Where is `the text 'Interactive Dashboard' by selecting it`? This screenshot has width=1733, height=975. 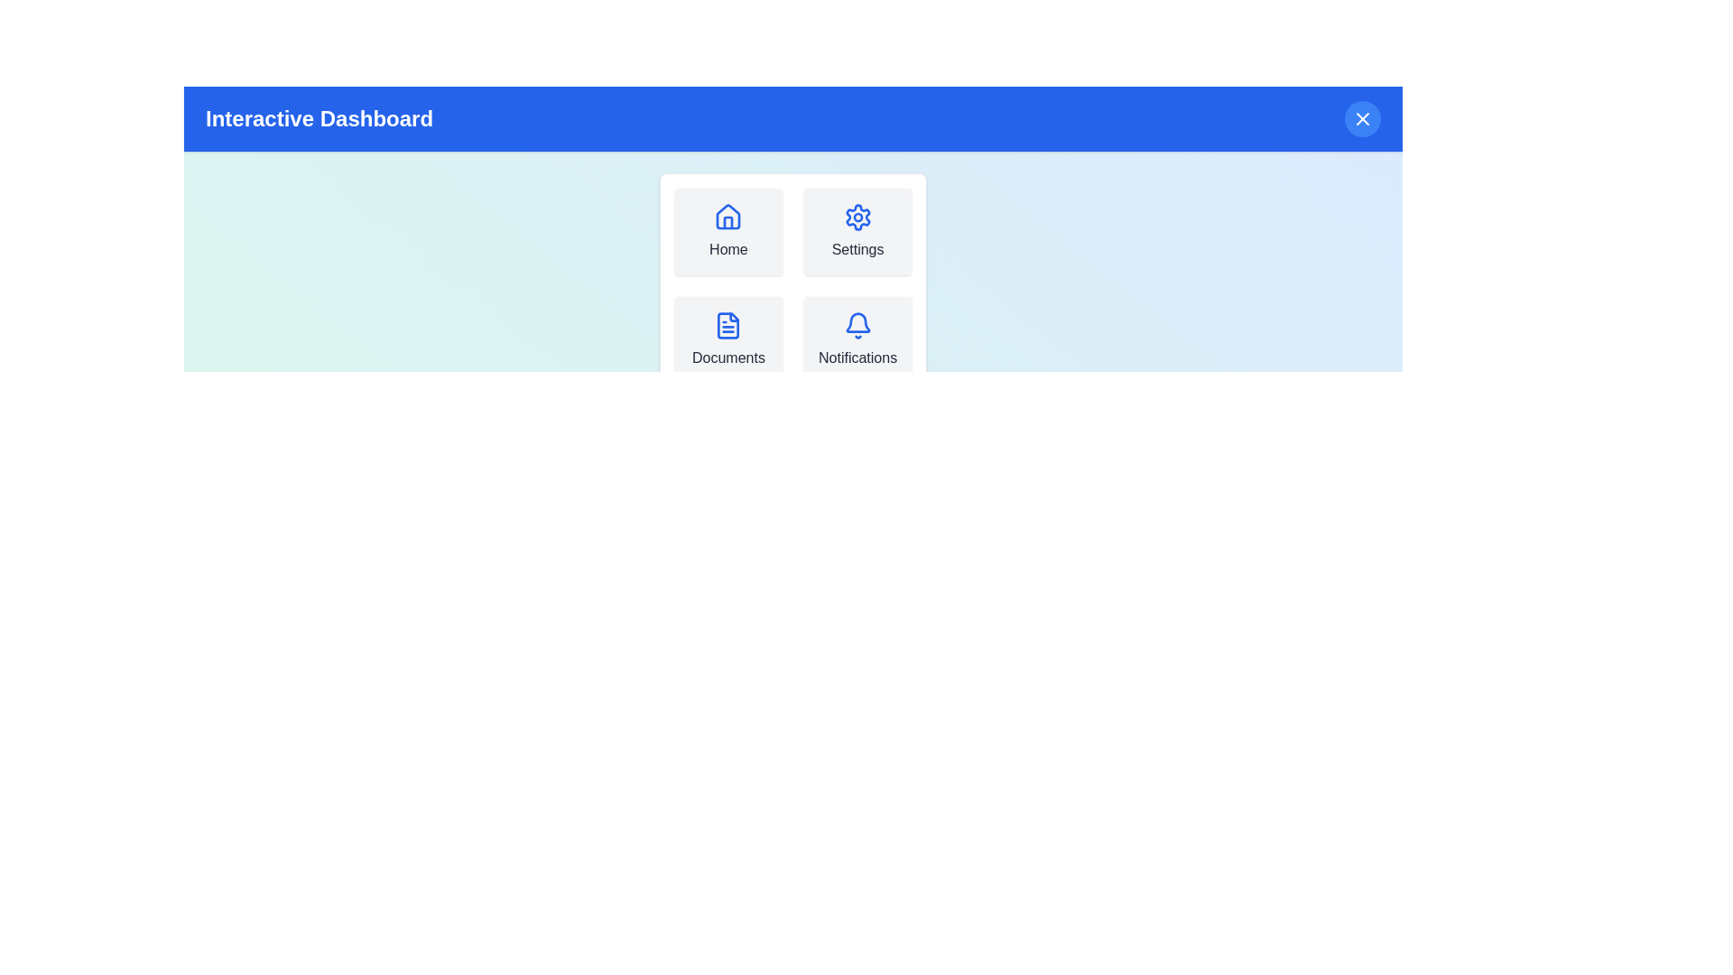
the text 'Interactive Dashboard' by selecting it is located at coordinates (205, 104).